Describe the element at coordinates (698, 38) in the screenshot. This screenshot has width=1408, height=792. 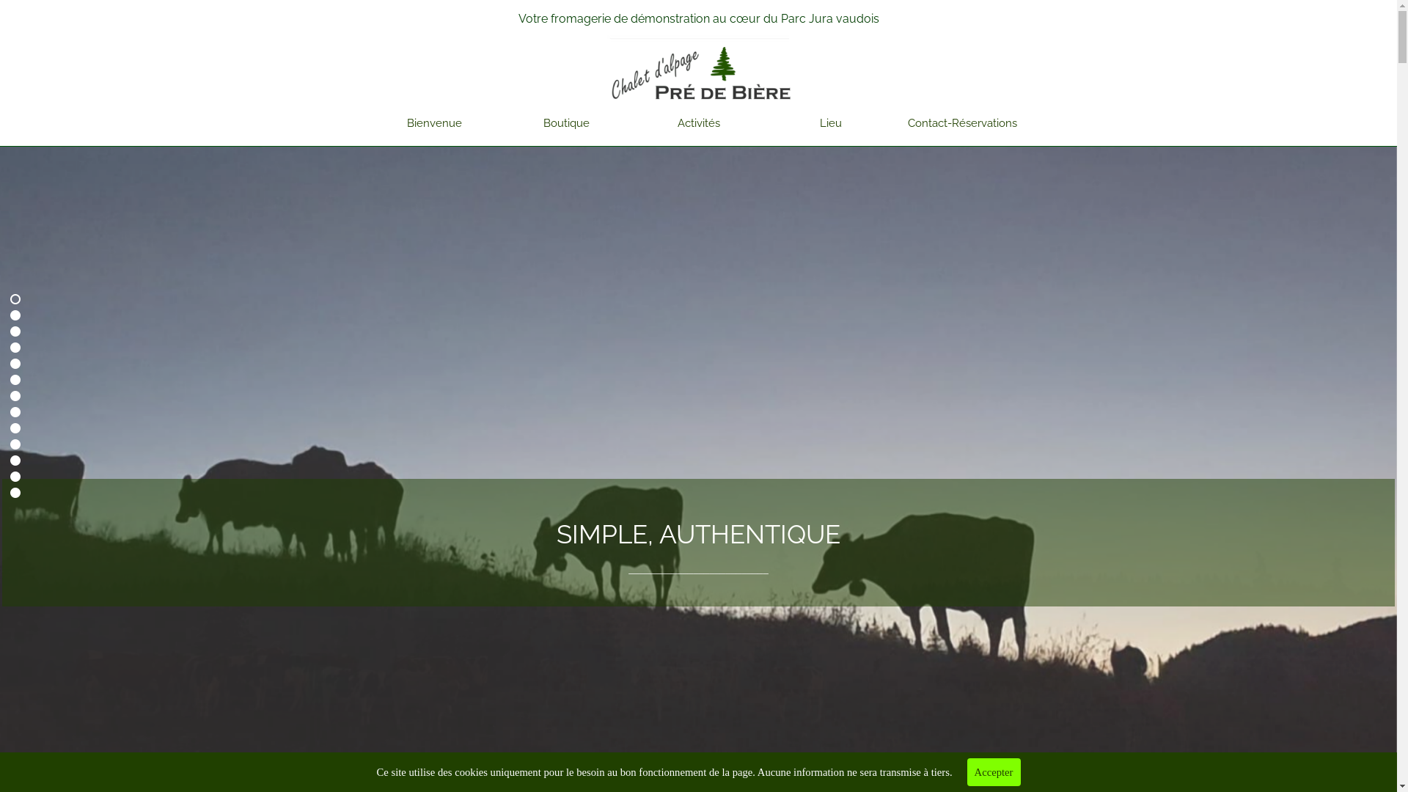
I see `'underline pdb'` at that location.